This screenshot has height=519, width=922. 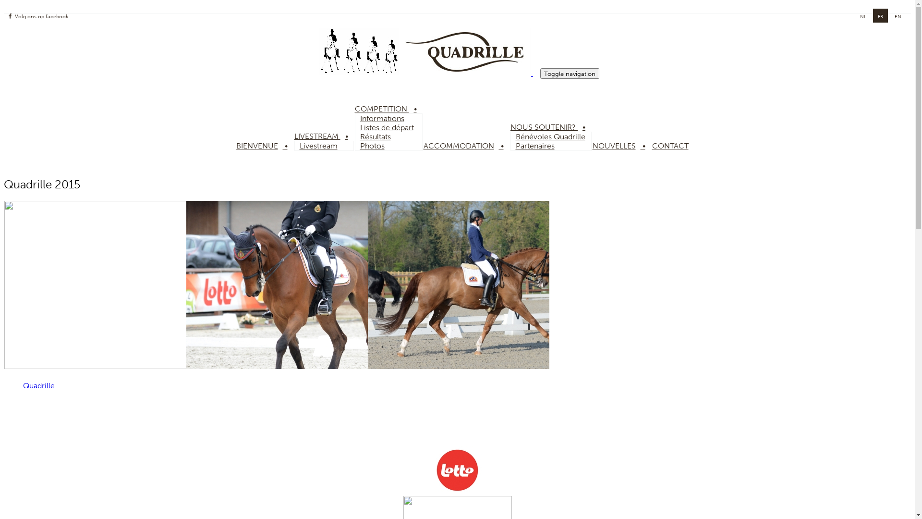 What do you see at coordinates (38, 16) in the screenshot?
I see `'Volg ons op facebook'` at bounding box center [38, 16].